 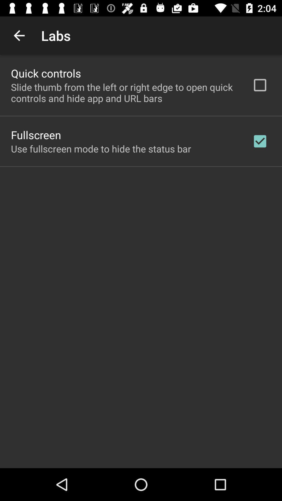 What do you see at coordinates (19, 35) in the screenshot?
I see `icon to the left of the labs` at bounding box center [19, 35].